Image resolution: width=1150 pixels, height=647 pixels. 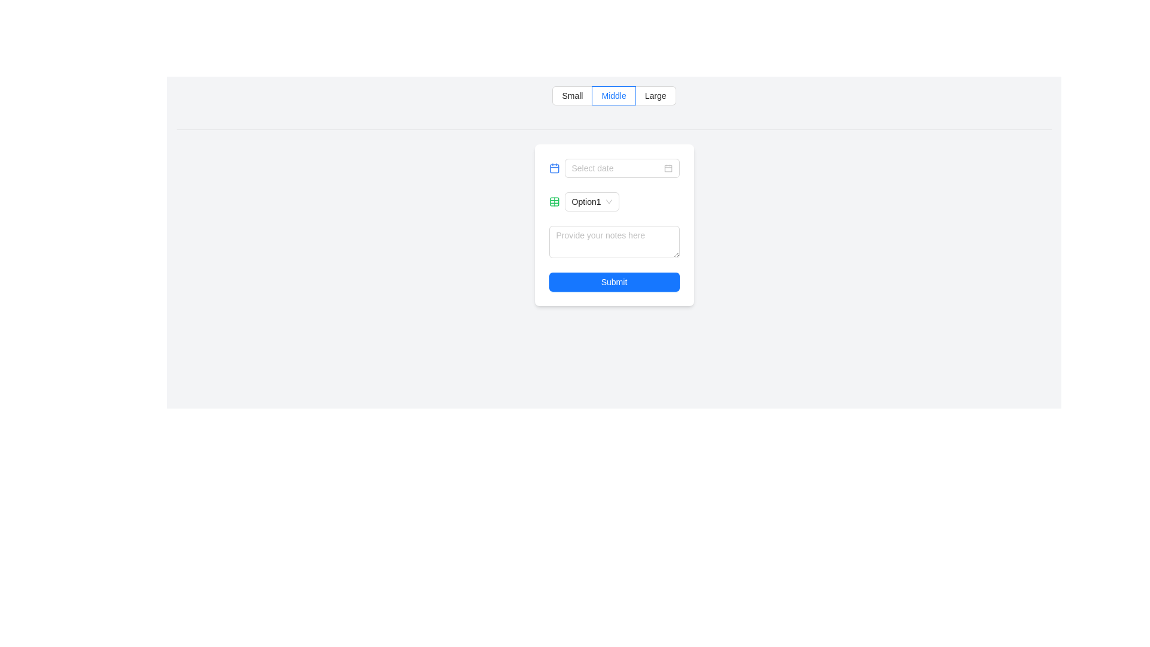 What do you see at coordinates (614, 282) in the screenshot?
I see `the 'Submit' button located at the bottom-center of the form to observe interactive feedback` at bounding box center [614, 282].